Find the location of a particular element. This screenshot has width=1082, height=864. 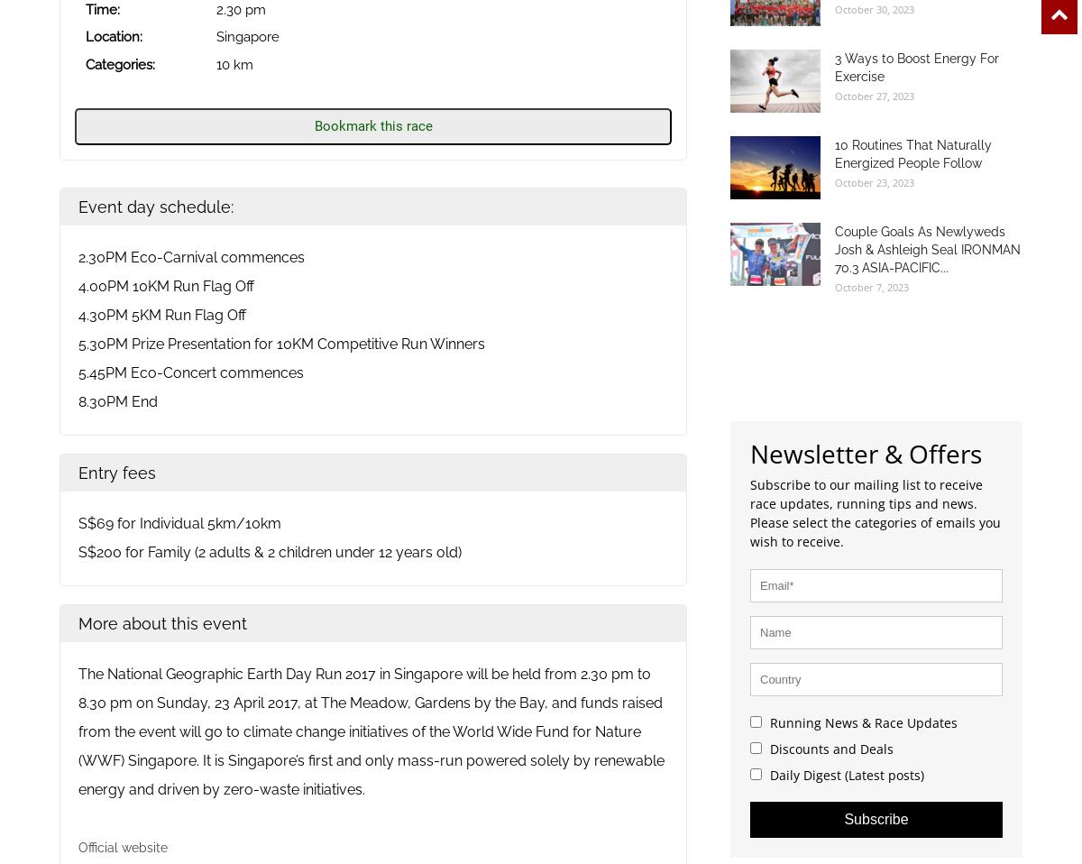

'Location:' is located at coordinates (114, 35).